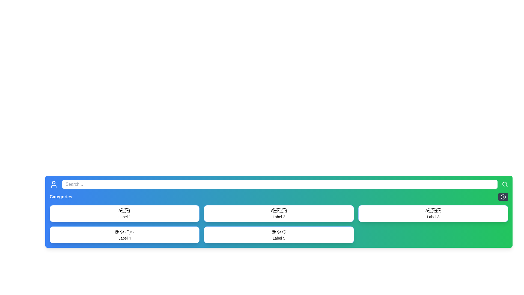  I want to click on the static icon-like text representation "📄" located above the label titled "Label 3" within the card in the top-right of the grid layout, so click(433, 210).